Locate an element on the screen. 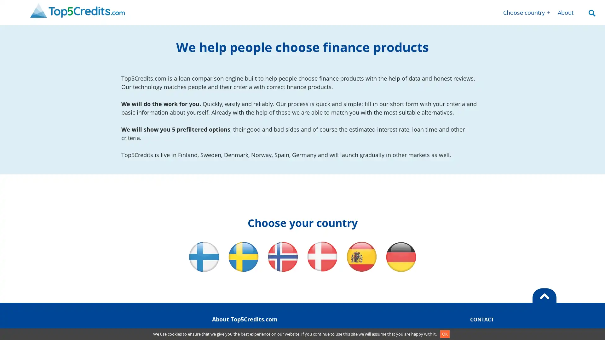  OK is located at coordinates (444, 334).